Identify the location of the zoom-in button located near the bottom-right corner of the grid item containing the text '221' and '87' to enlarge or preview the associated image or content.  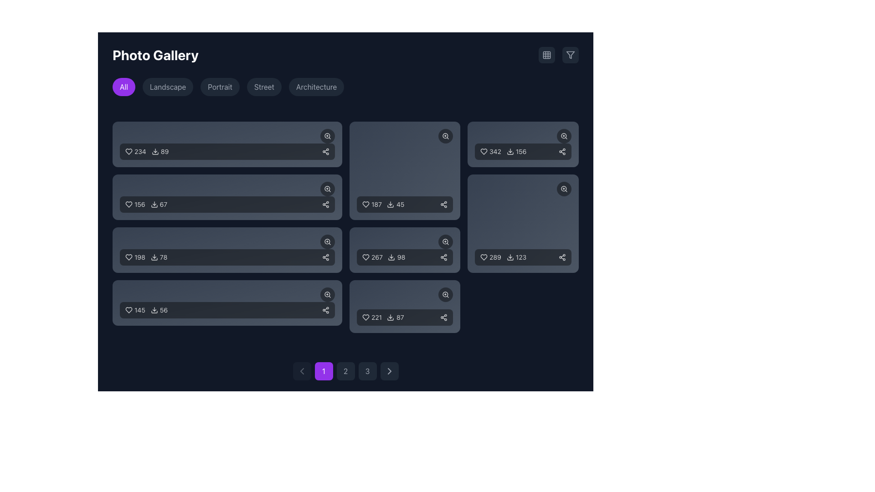
(446, 295).